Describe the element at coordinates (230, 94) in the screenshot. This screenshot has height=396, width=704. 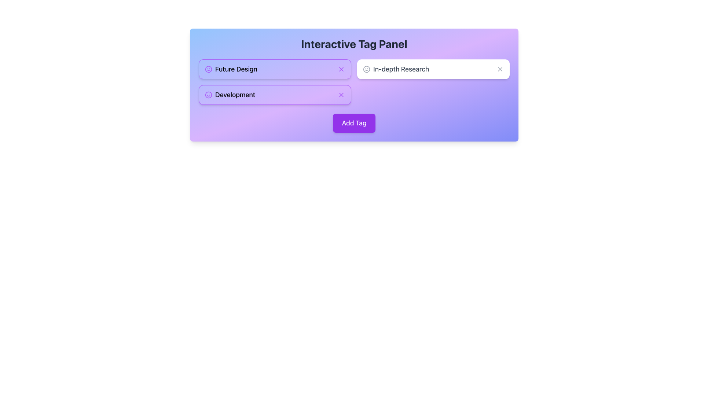
I see `the 'Development' tag, which is the second tag in the Interactive Tag Panel` at that location.